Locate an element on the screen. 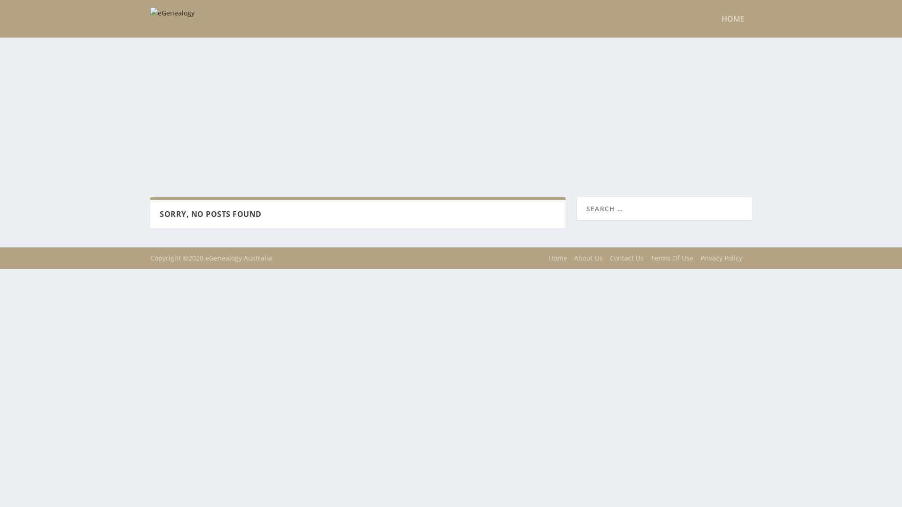  'Privacy Policy' is located at coordinates (721, 258).